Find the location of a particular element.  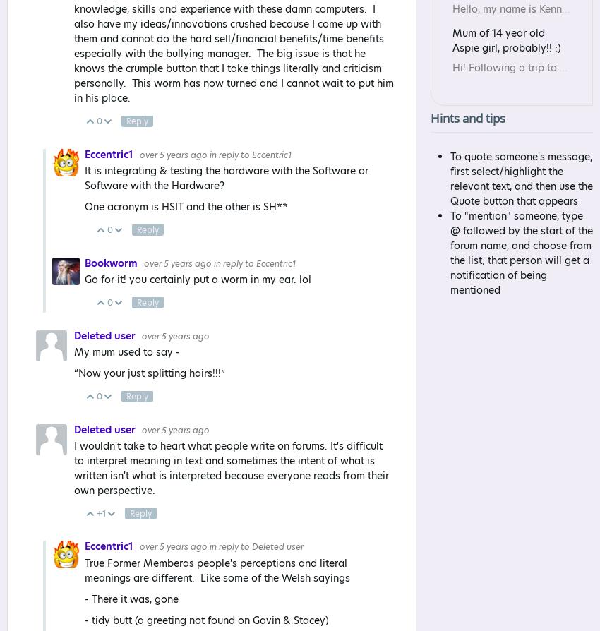

'One acronym is HSIT and the other is SH**' is located at coordinates (186, 207).